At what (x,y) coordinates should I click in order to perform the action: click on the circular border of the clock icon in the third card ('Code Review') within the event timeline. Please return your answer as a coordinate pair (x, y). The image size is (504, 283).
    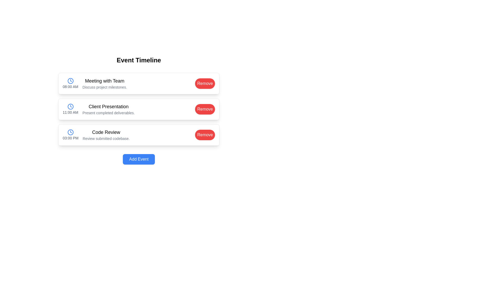
    Looking at the image, I should click on (70, 132).